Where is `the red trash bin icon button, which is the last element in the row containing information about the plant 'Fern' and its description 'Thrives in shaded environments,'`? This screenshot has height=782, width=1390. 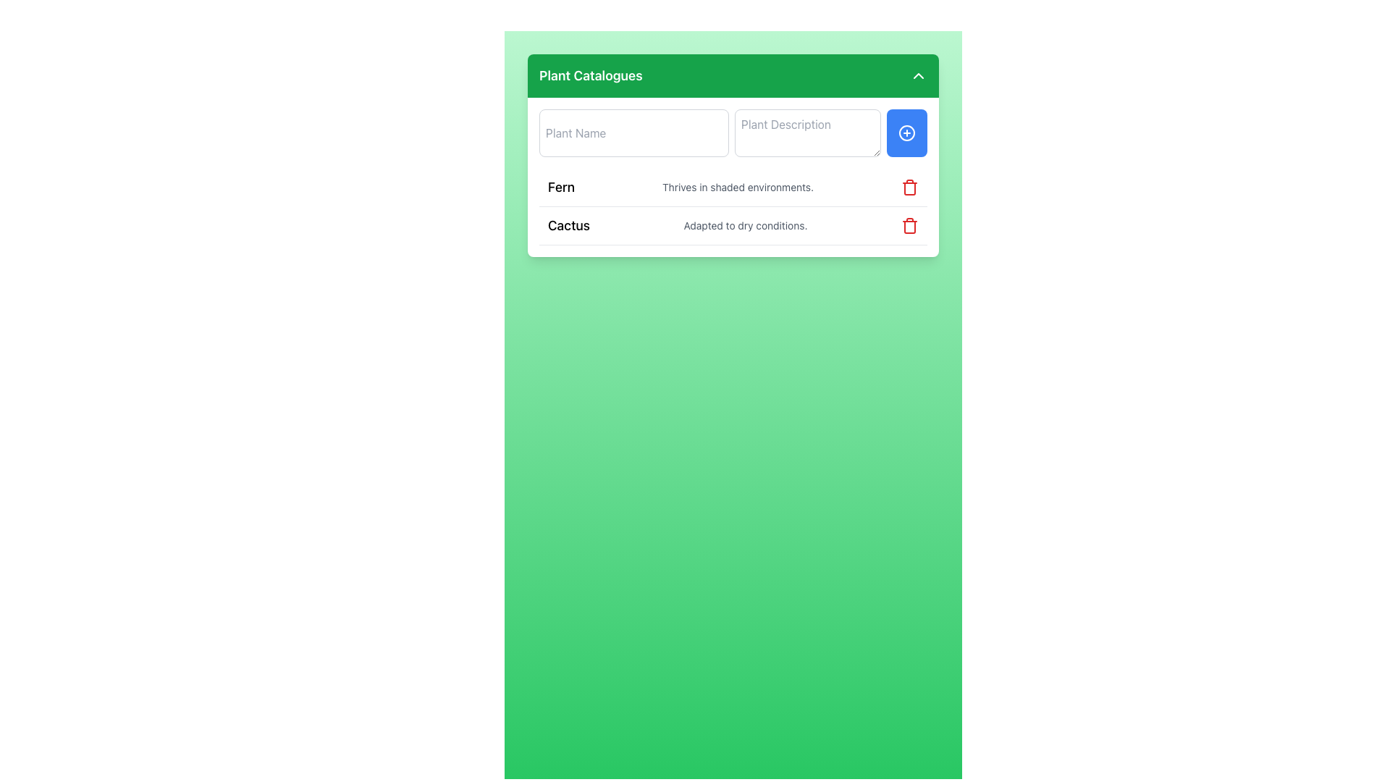
the red trash bin icon button, which is the last element in the row containing information about the plant 'Fern' and its description 'Thrives in shaded environments,' is located at coordinates (909, 186).